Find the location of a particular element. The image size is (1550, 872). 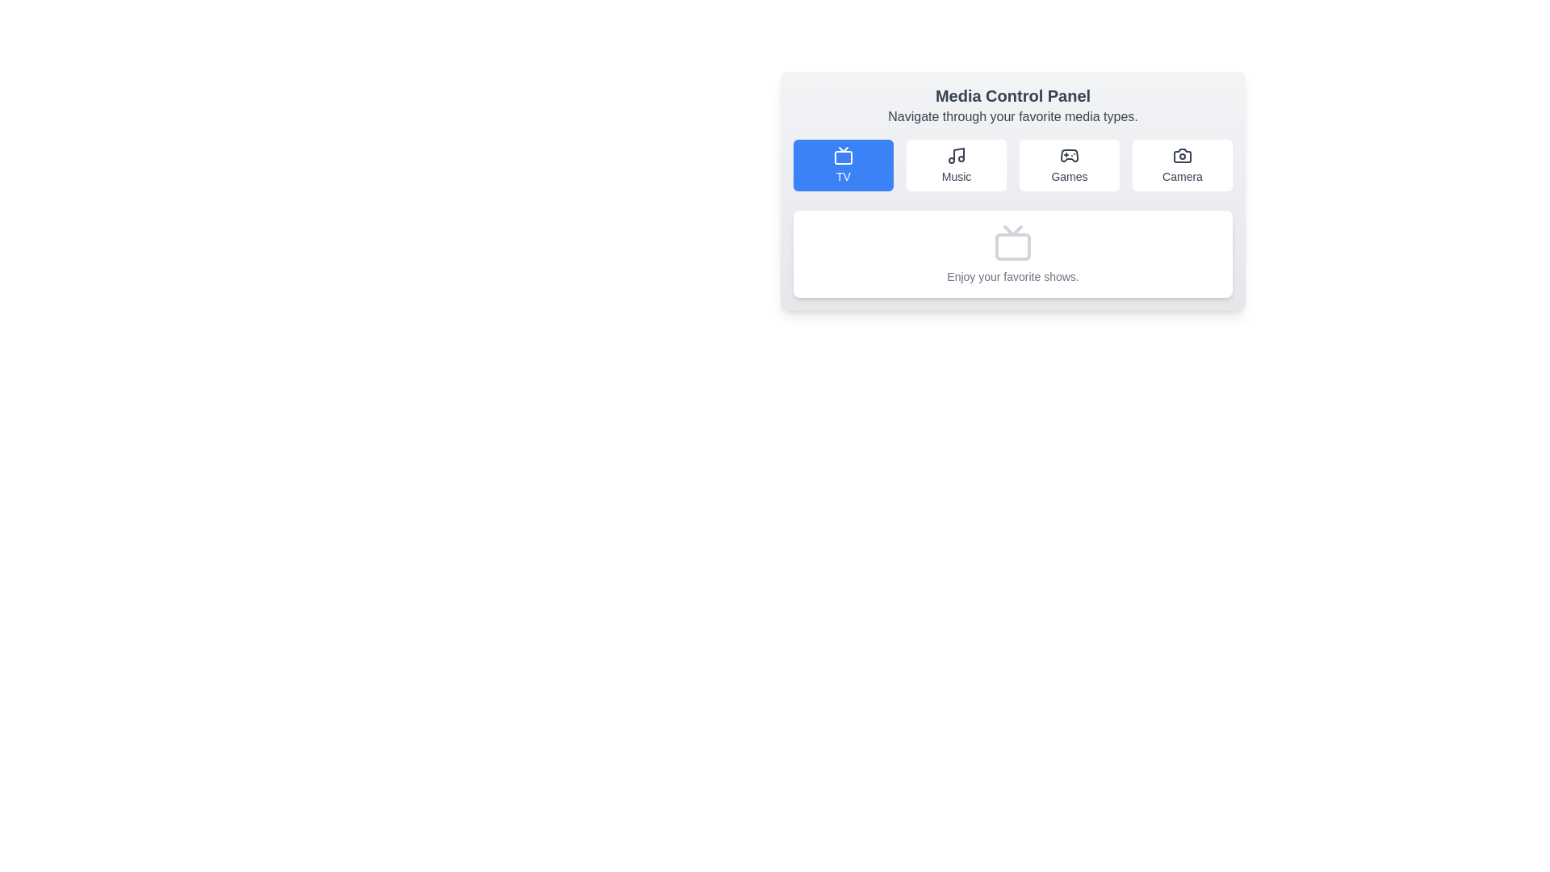

the button that selects the 'TV' media type, located in the top-left corner of a grid layout before the 'Music', 'Games', and 'Camera' buttons is located at coordinates (843, 165).